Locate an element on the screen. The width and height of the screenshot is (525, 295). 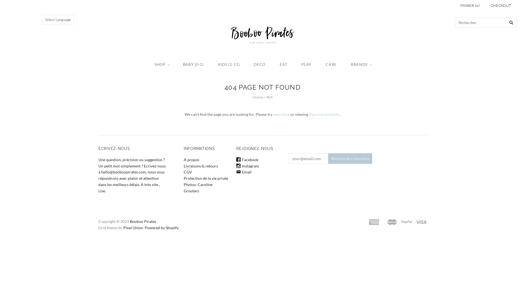
'Pixel Union' is located at coordinates (133, 228).